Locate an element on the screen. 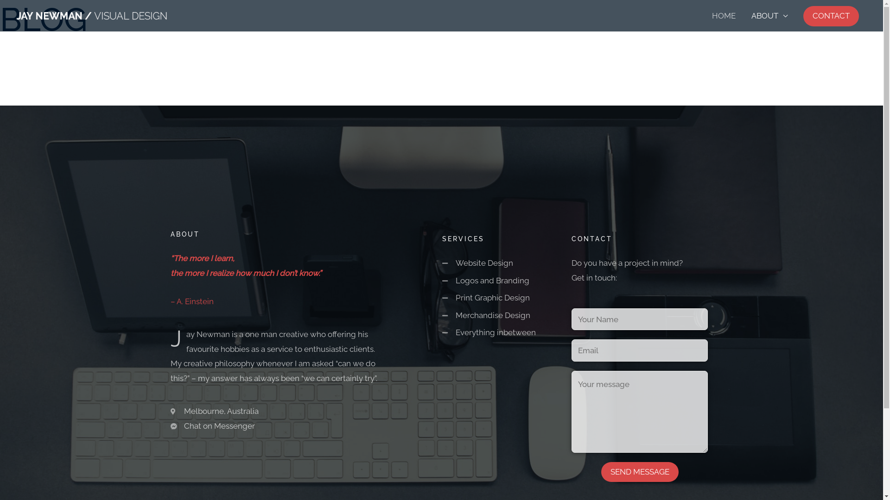  'ABOUT' is located at coordinates (743, 16).